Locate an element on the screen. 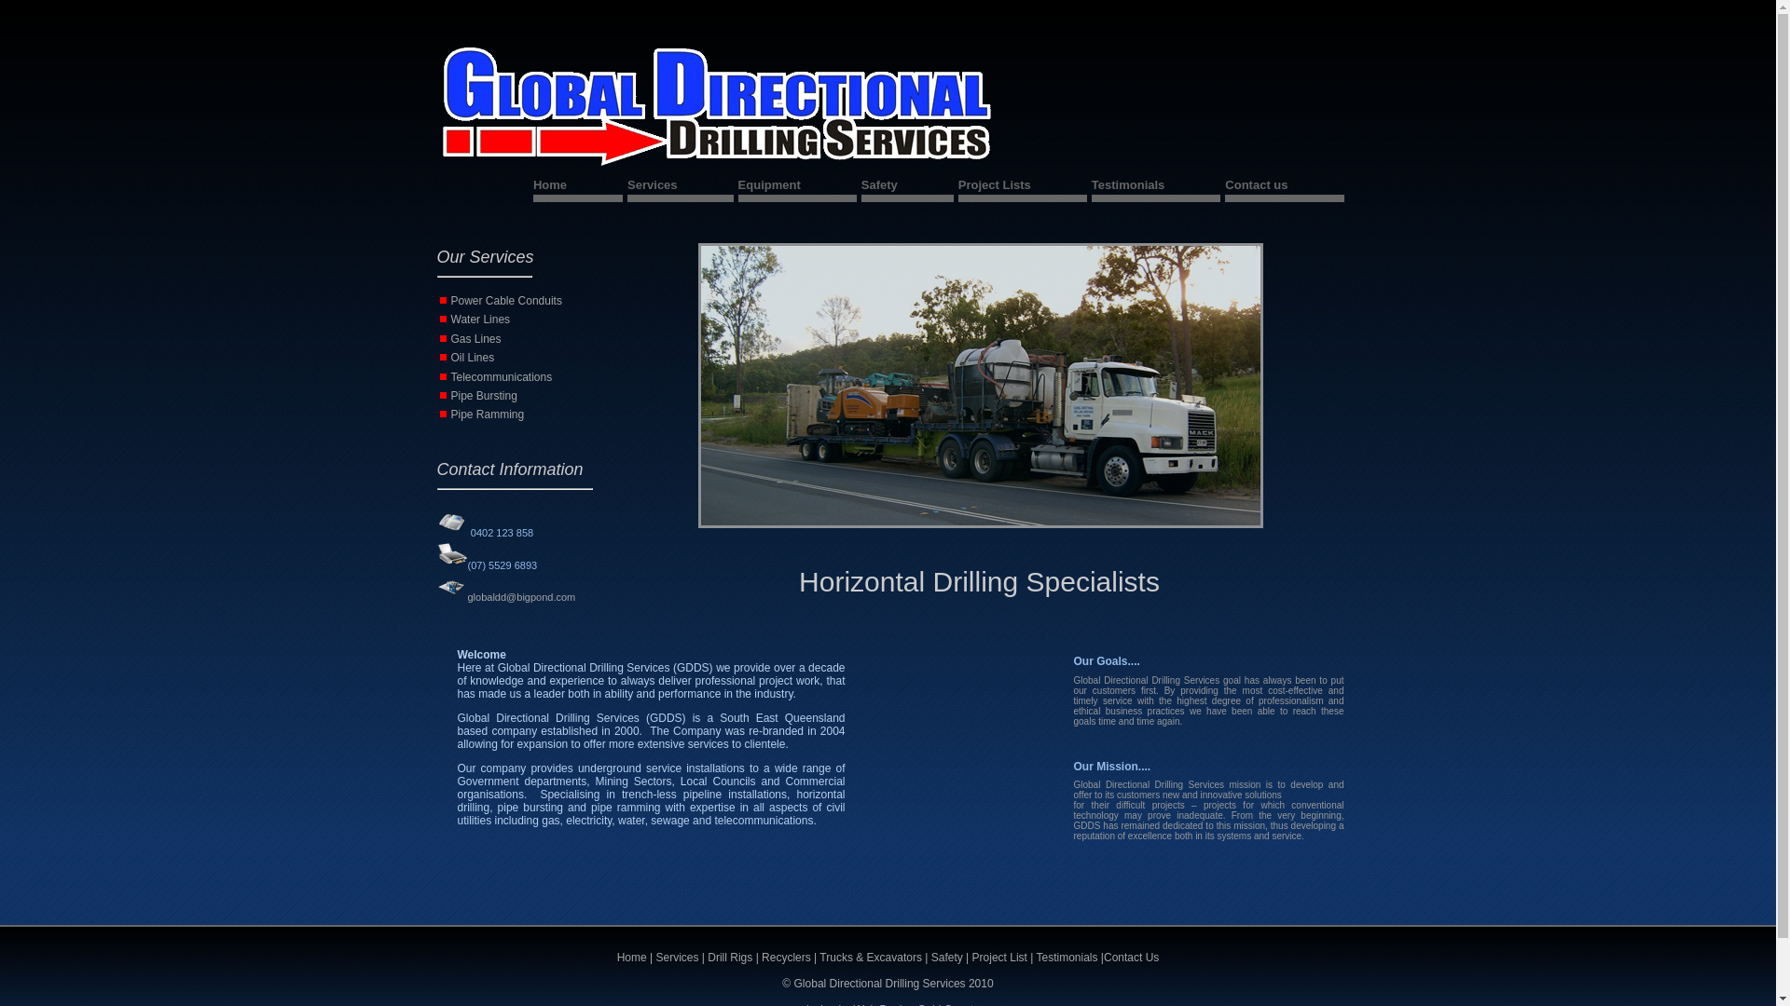  'Gas Lines' is located at coordinates (451, 338).